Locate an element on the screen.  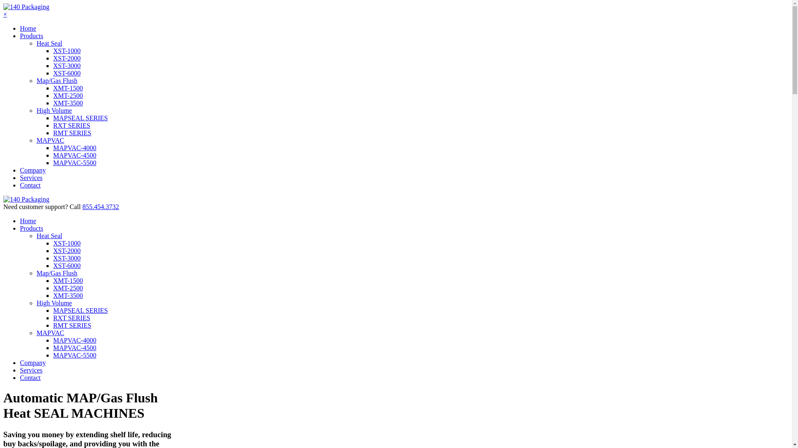
'XST-2000' is located at coordinates (53, 250).